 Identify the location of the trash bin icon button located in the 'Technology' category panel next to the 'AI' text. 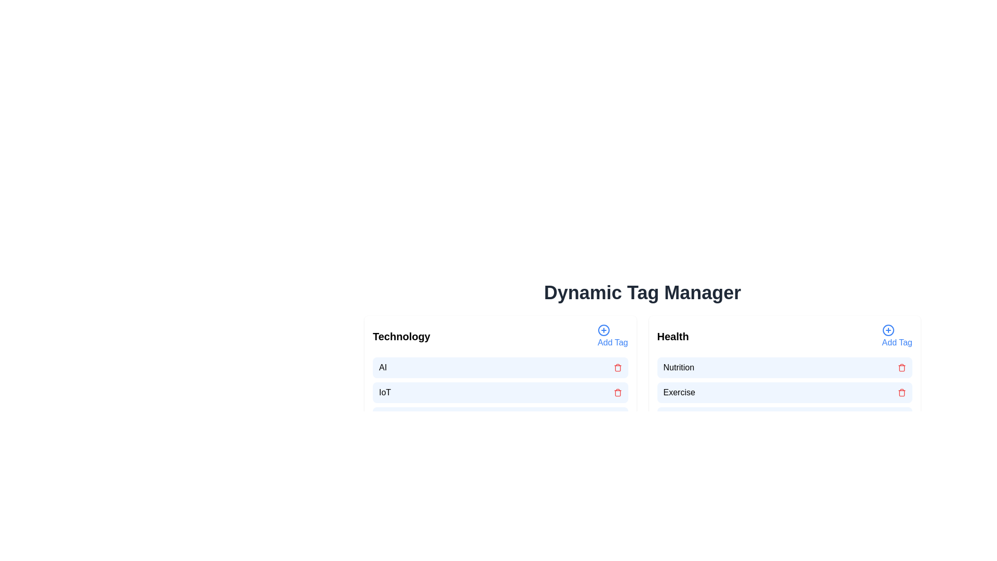
(617, 367).